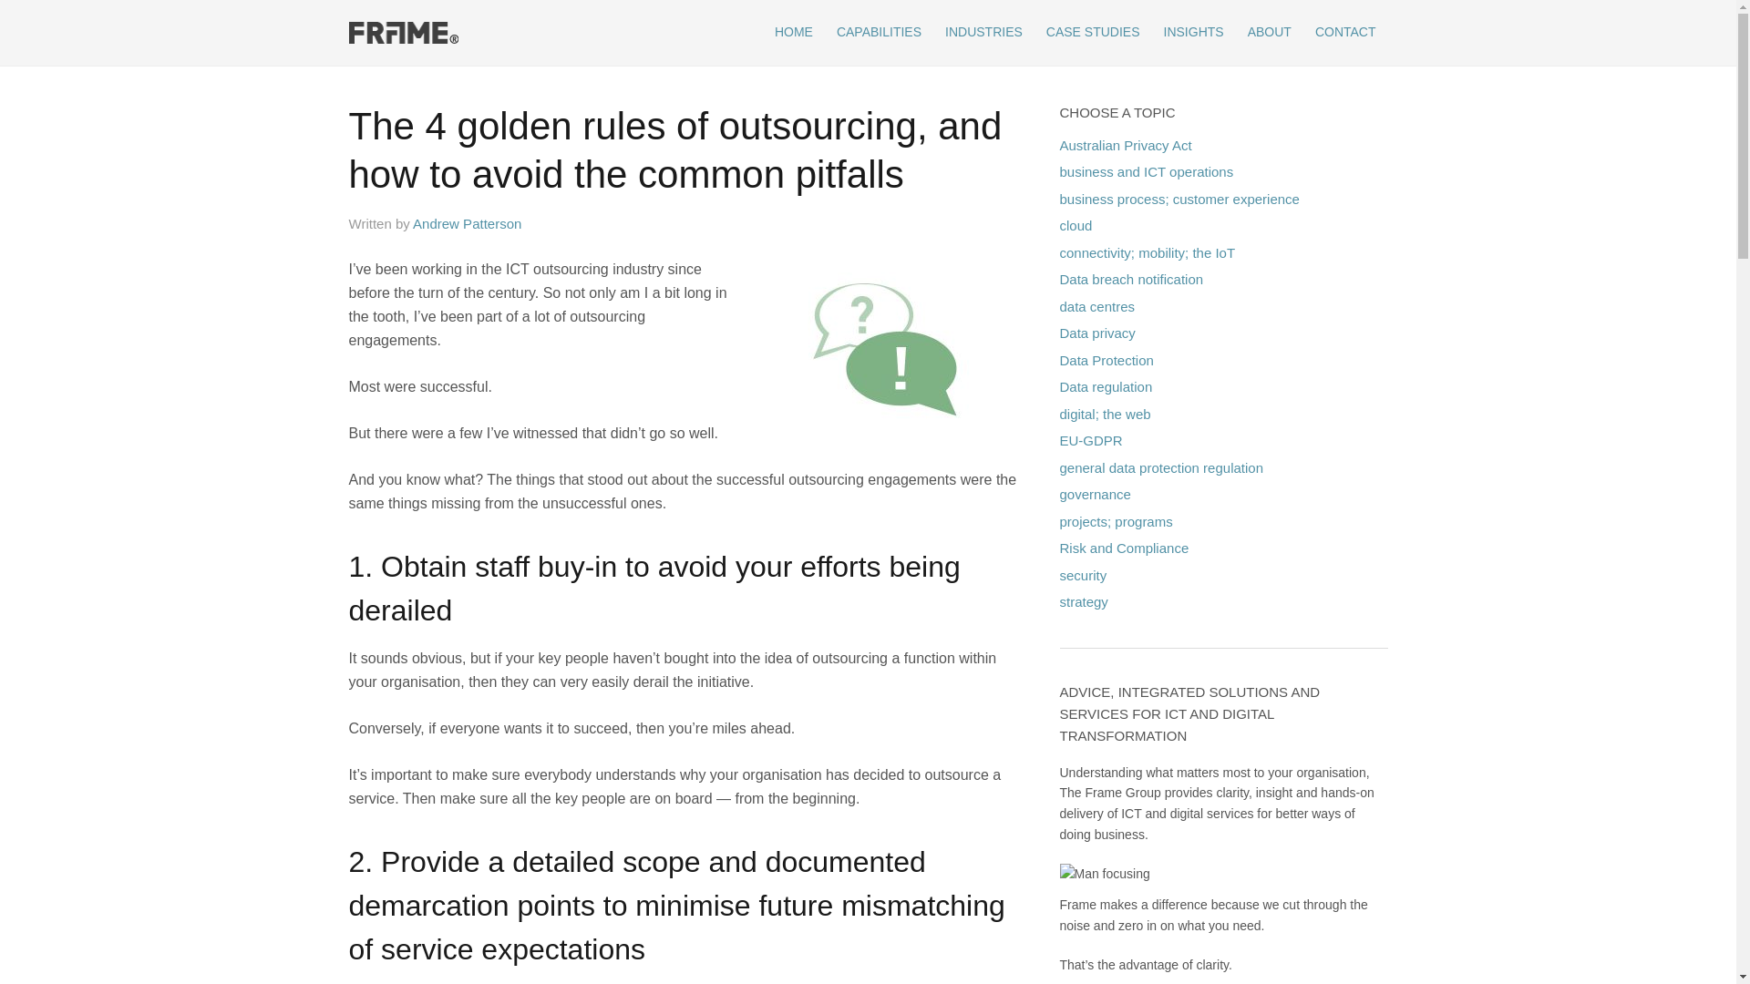 Image resolution: width=1750 pixels, height=984 pixels. I want to click on 'INDUSTRIES', so click(983, 31).